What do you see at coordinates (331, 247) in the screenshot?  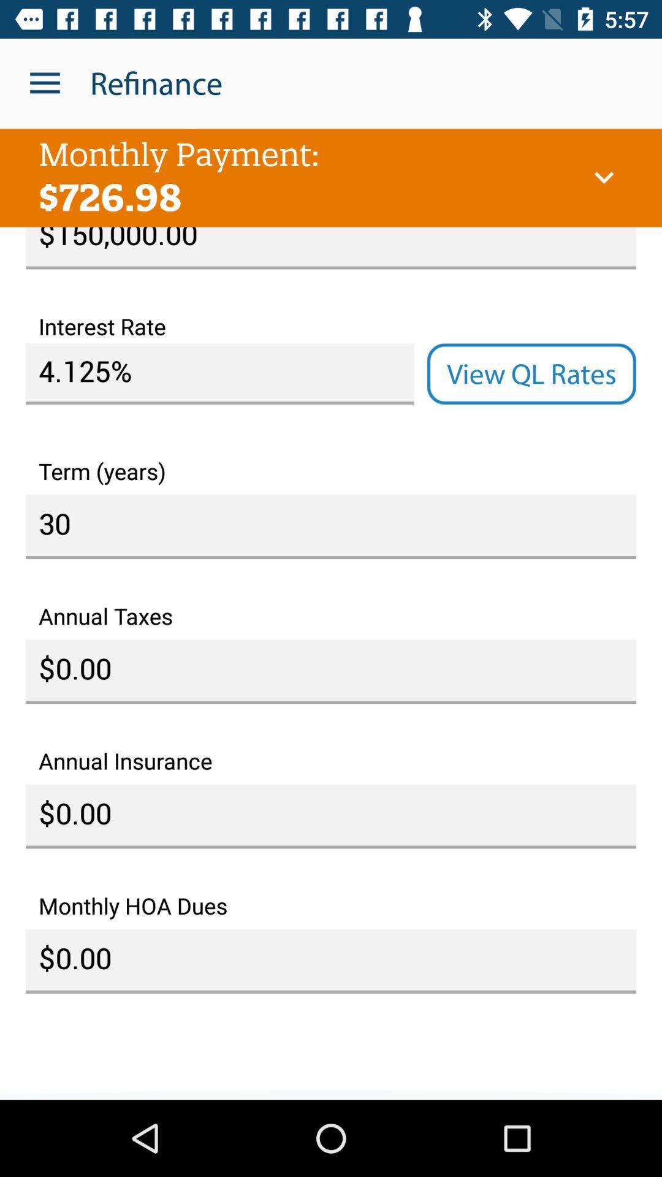 I see `item below $726.98` at bounding box center [331, 247].